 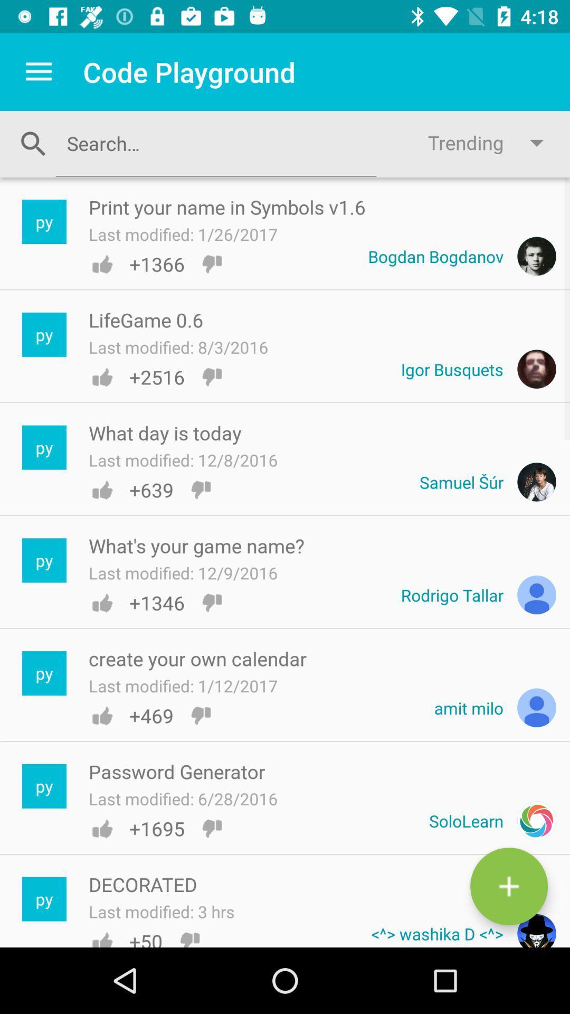 I want to click on more, so click(x=508, y=886).